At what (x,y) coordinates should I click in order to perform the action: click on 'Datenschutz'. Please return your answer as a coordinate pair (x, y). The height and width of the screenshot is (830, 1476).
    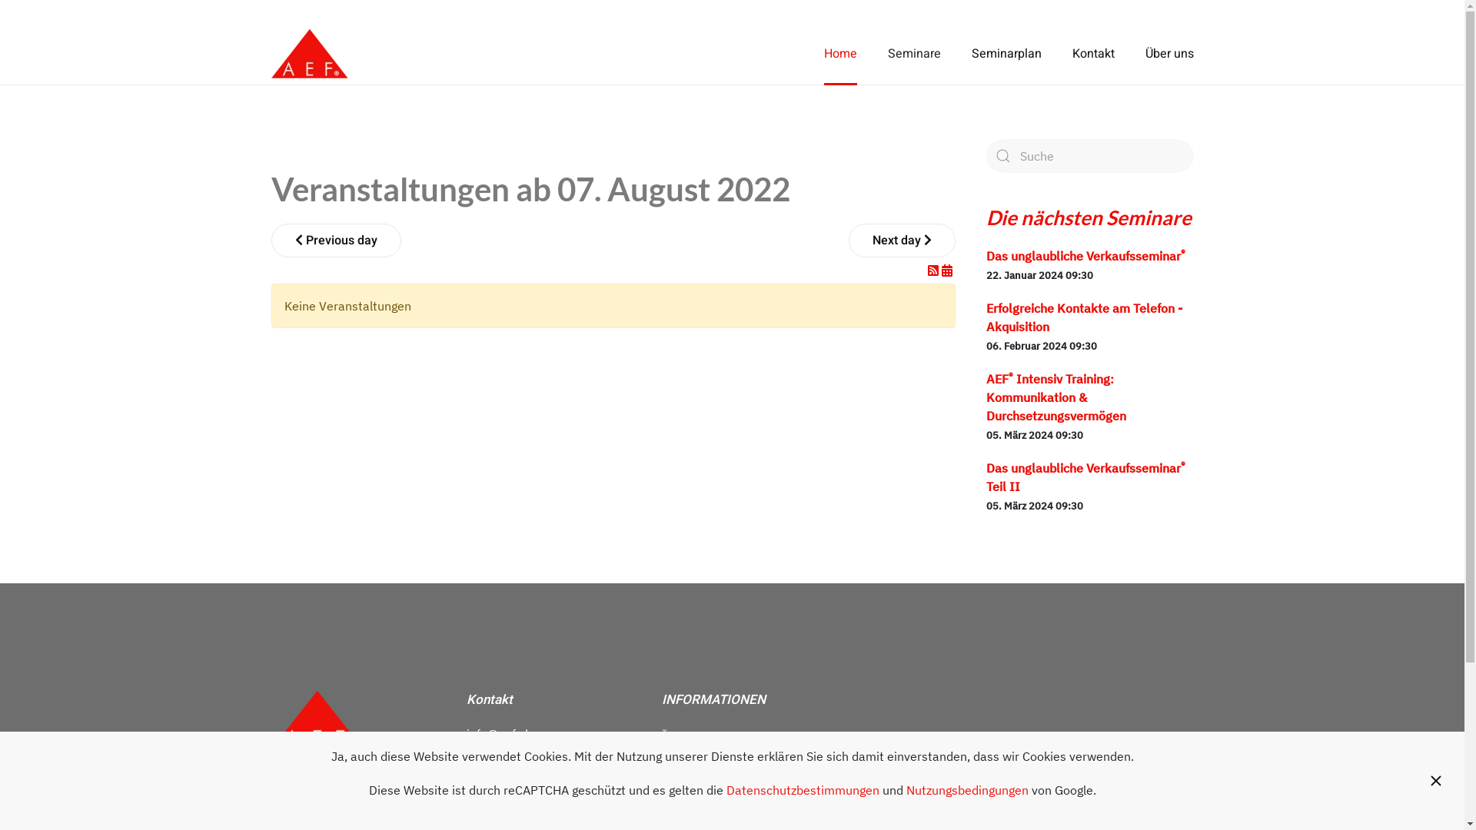
    Looking at the image, I should click on (696, 759).